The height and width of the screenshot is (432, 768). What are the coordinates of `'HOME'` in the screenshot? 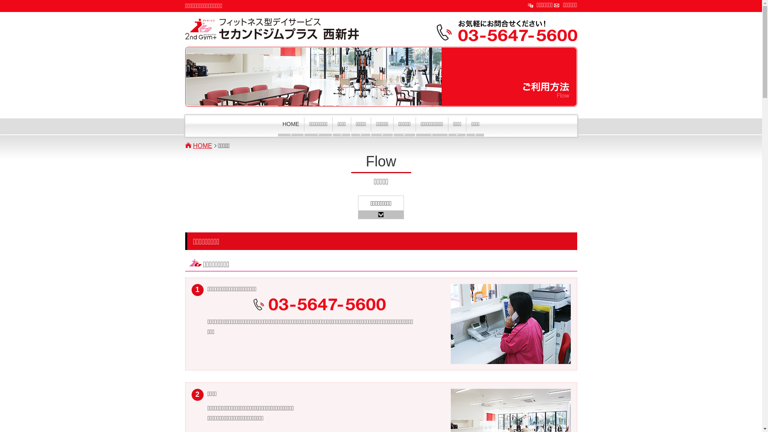 It's located at (204, 146).